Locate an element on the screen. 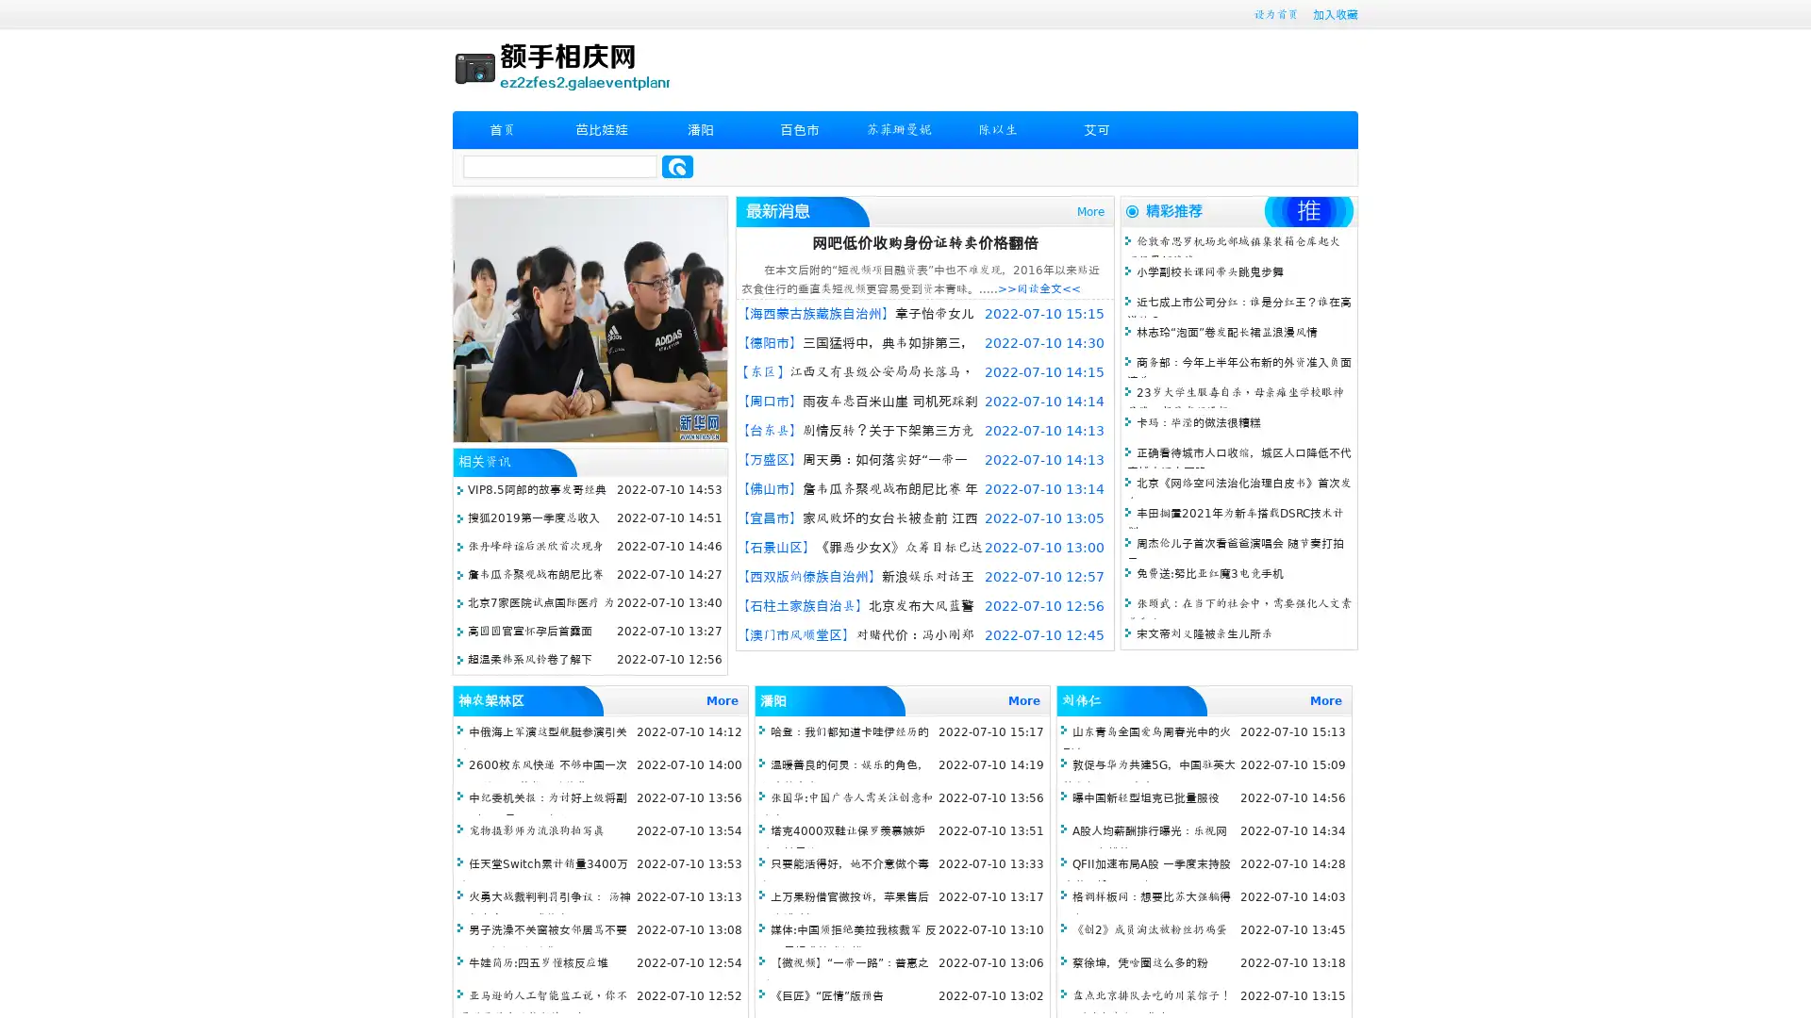 The image size is (1811, 1018). Search is located at coordinates (677, 166).